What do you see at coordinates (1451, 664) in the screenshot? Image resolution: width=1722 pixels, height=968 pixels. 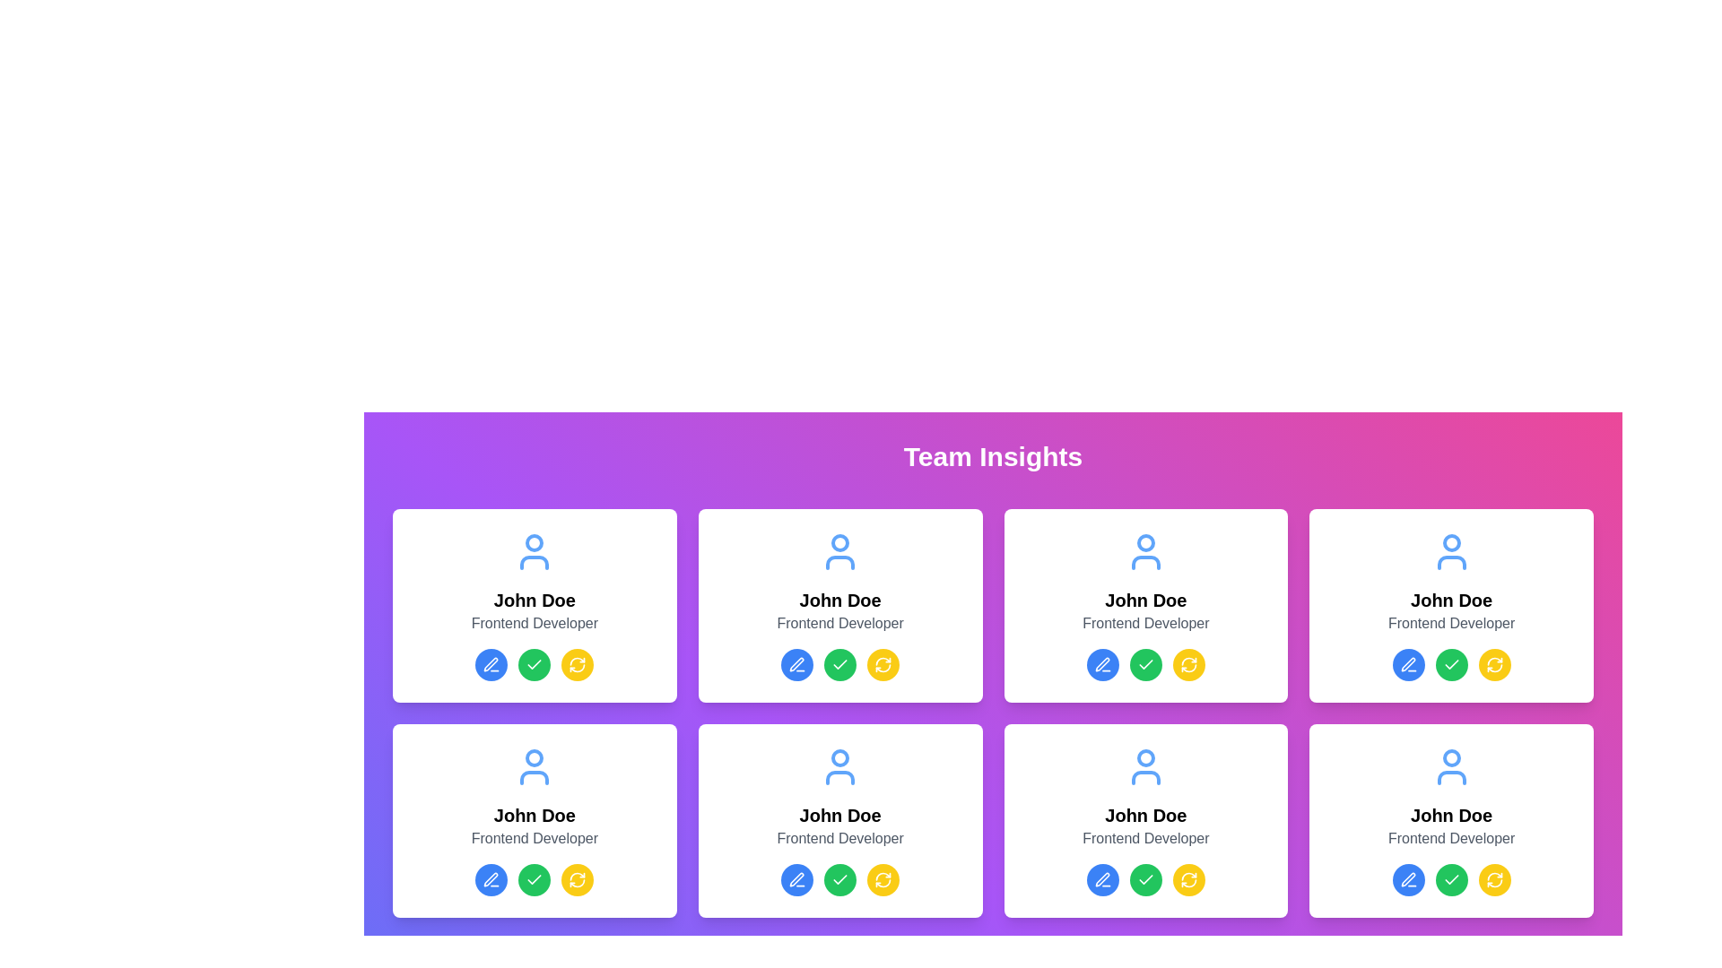 I see `the green circular icon button with a white checkmark symbol located in the second row of user cards` at bounding box center [1451, 664].